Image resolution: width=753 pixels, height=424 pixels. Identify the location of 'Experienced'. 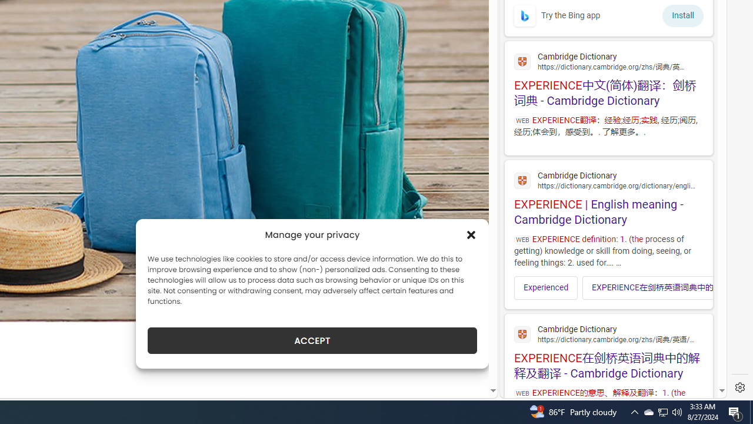
(545, 287).